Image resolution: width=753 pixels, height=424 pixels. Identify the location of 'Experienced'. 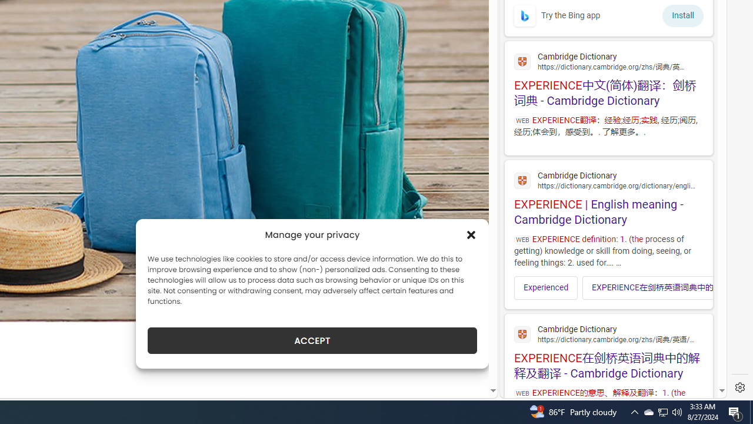
(545, 287).